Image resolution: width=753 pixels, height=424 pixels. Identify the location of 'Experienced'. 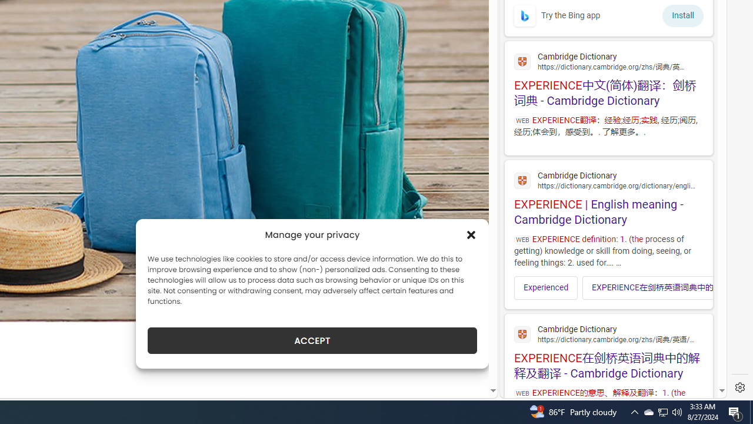
(545, 287).